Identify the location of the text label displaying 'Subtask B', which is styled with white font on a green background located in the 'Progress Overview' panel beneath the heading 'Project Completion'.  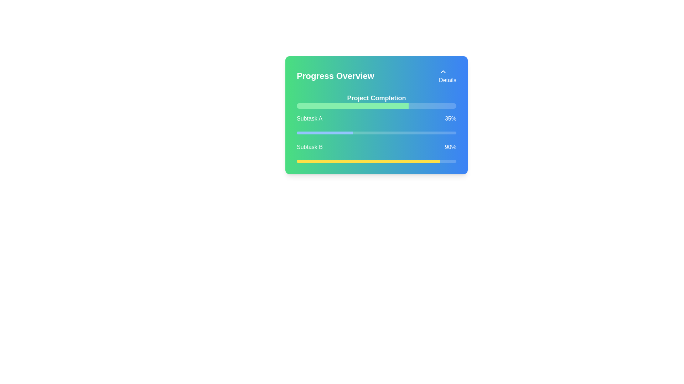
(310, 146).